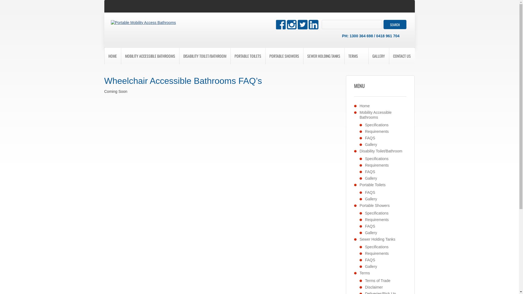  I want to click on 'SEWER HOLDING TANKS', so click(323, 56).